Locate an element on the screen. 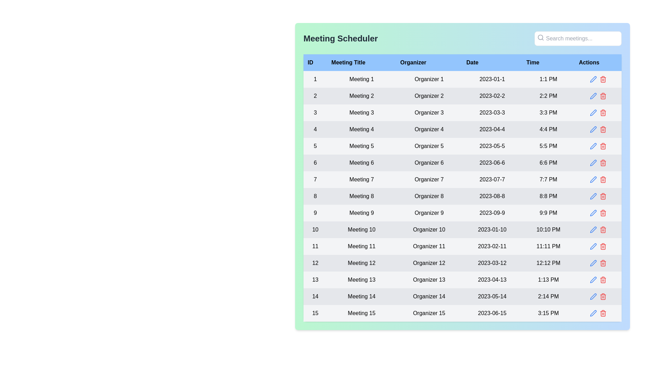 This screenshot has width=669, height=376. the thirteenth row of the Meeting Scheduler table, which displays the meeting schedule entry with ID 13, Meeting Title 'Meeting 13', Organizer 'Organizer 13', Date '2023-04-13', and Time '1:13 PM' is located at coordinates (462, 279).